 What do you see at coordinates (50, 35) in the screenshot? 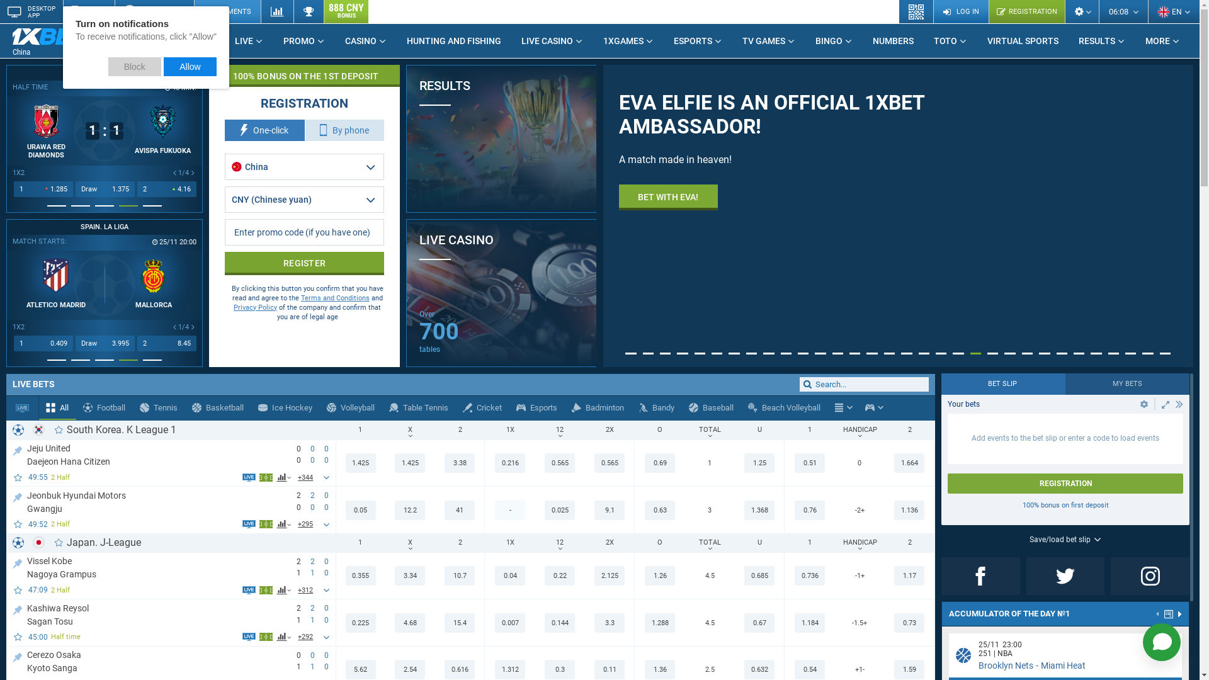
I see `'1xBet Betting Company'` at bounding box center [50, 35].